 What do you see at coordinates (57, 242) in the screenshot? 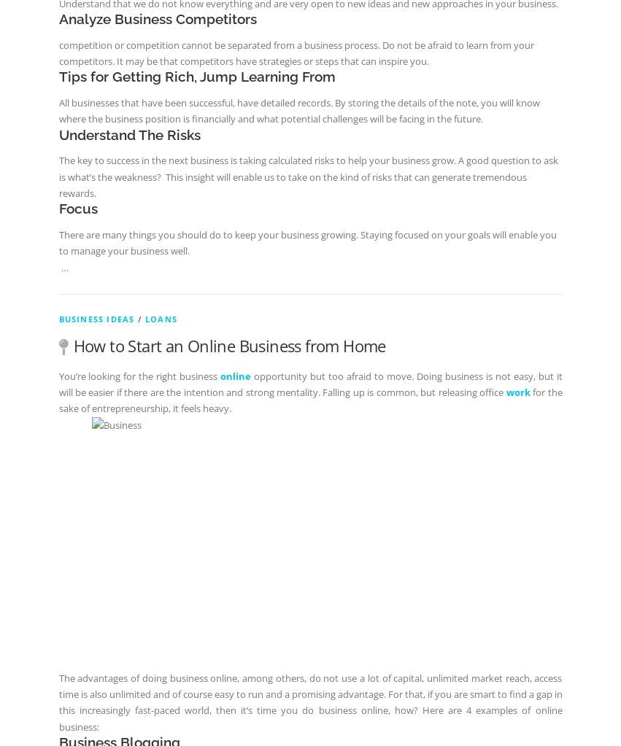
I see `'There are many things you should do to keep your business growing. Staying focused on your goals will enable you to manage your business well.'` at bounding box center [57, 242].